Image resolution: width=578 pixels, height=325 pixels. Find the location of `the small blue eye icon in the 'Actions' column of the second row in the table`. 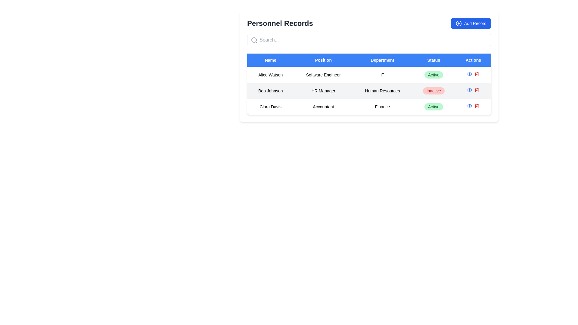

the small blue eye icon in the 'Actions' column of the second row in the table is located at coordinates (469, 90).